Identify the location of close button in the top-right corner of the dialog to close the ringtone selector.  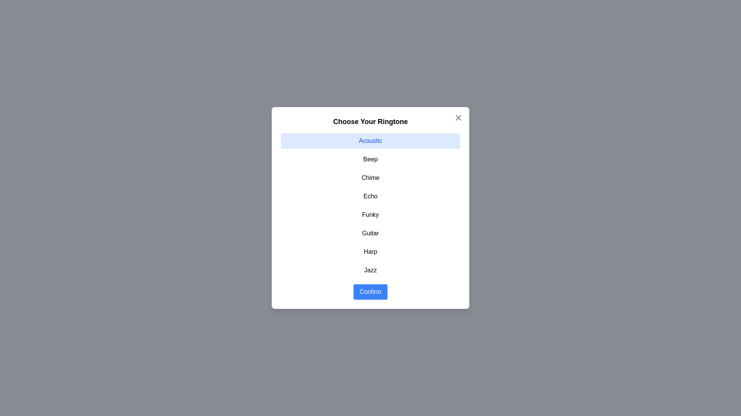
(458, 117).